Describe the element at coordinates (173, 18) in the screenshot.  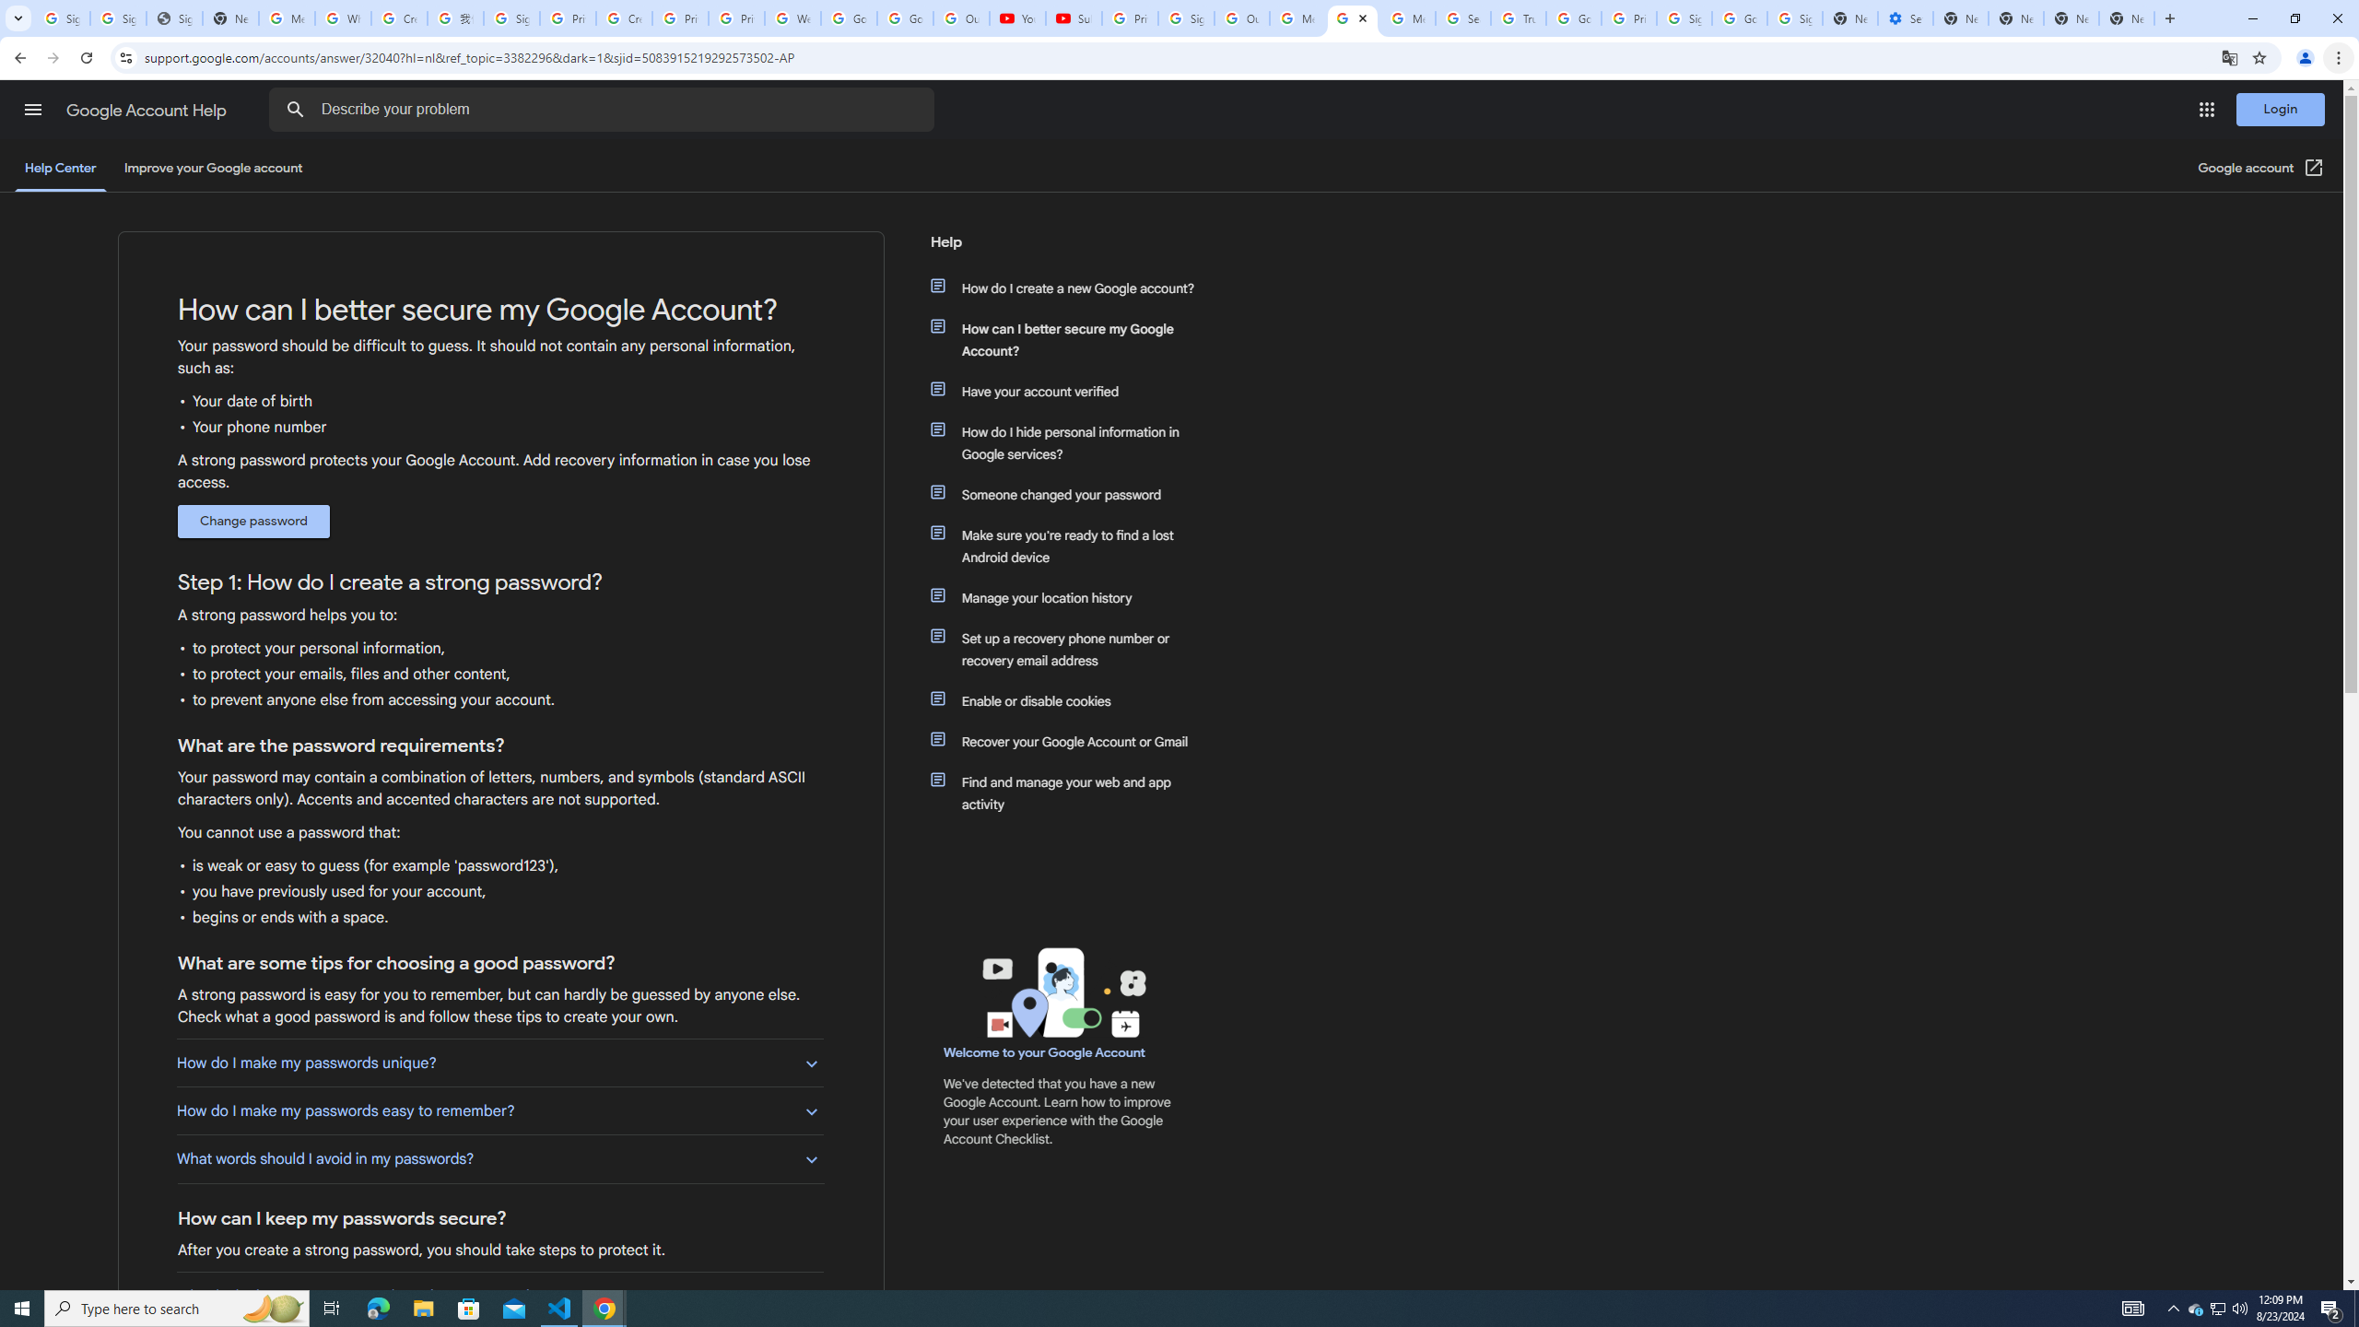
I see `'Sign In - USA TODAY'` at that location.